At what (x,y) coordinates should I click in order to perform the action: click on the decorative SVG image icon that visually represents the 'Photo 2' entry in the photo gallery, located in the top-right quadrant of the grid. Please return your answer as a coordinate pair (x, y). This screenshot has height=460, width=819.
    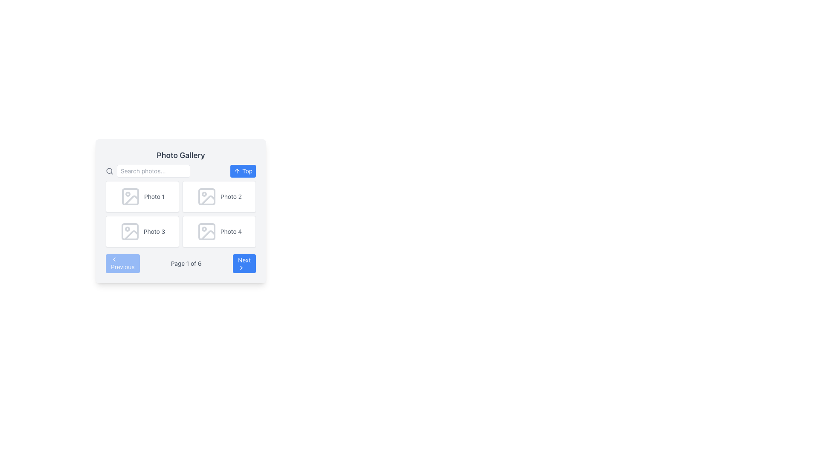
    Looking at the image, I should click on (206, 197).